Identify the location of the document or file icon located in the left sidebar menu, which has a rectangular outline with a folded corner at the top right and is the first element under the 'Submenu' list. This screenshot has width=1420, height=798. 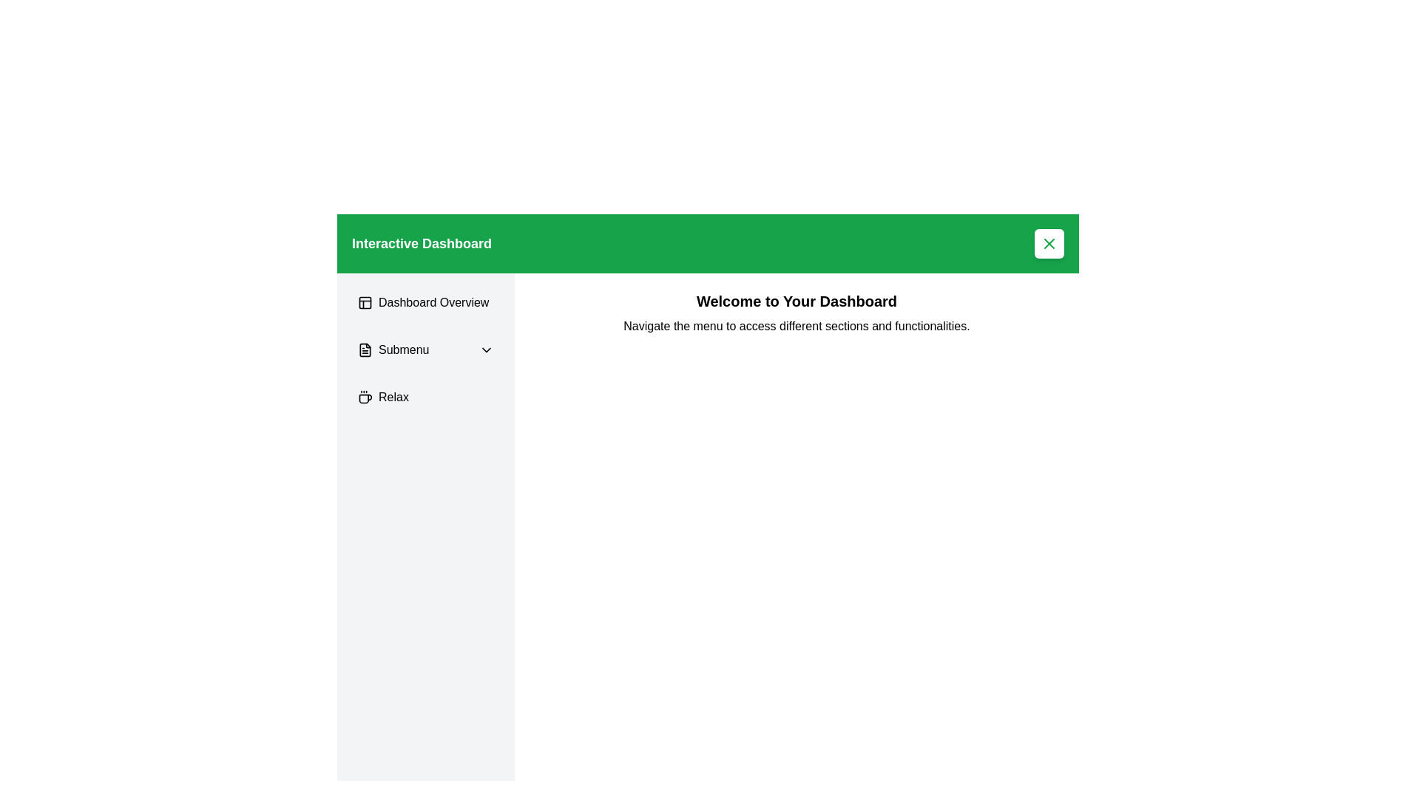
(365, 350).